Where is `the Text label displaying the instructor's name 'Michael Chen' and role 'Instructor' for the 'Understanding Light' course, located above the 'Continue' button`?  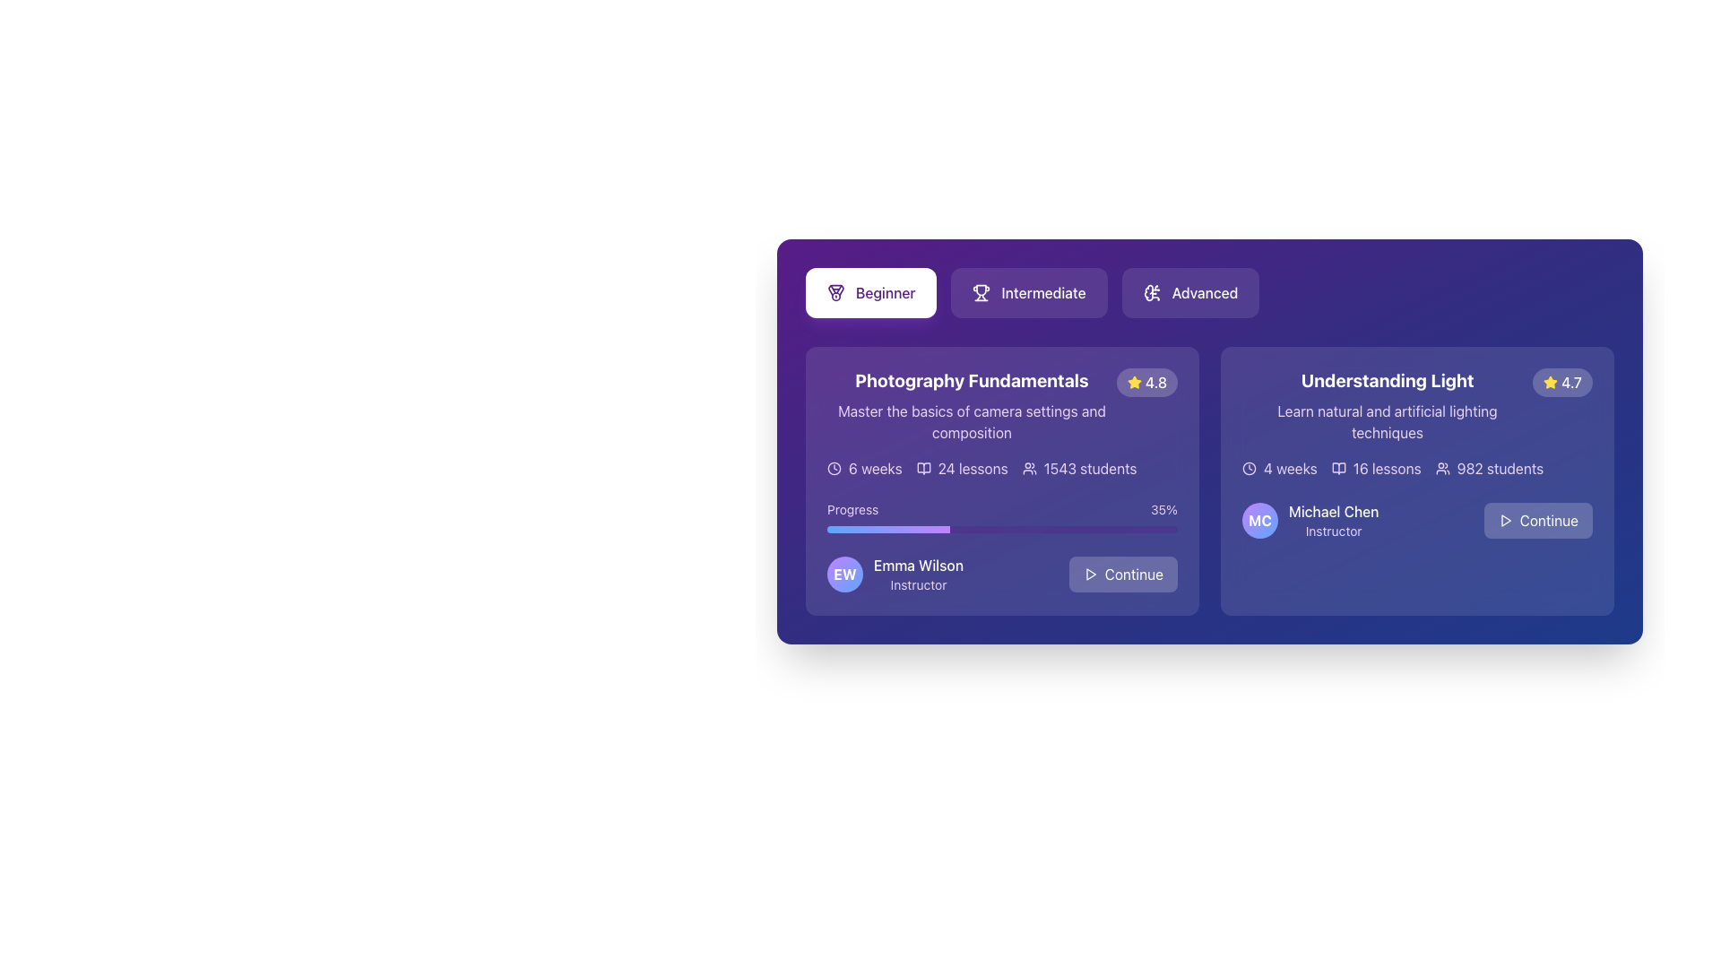
the Text label displaying the instructor's name 'Michael Chen' and role 'Instructor' for the 'Understanding Light' course, located above the 'Continue' button is located at coordinates (1334, 521).